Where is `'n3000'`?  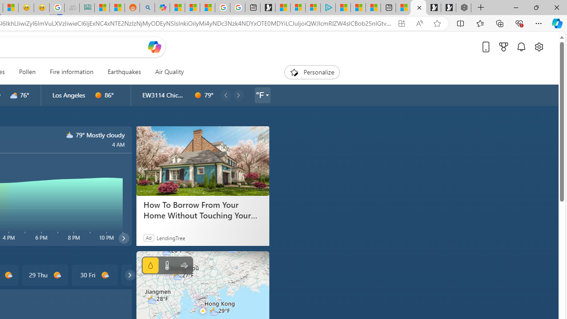 'n3000' is located at coordinates (70, 135).